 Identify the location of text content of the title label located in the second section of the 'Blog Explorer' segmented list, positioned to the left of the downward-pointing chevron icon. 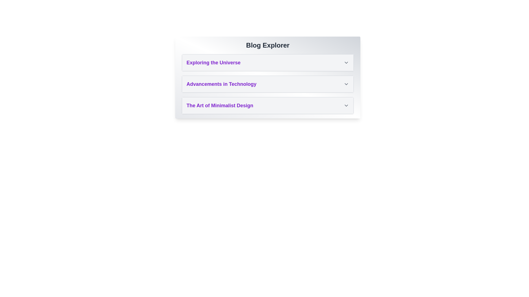
(221, 84).